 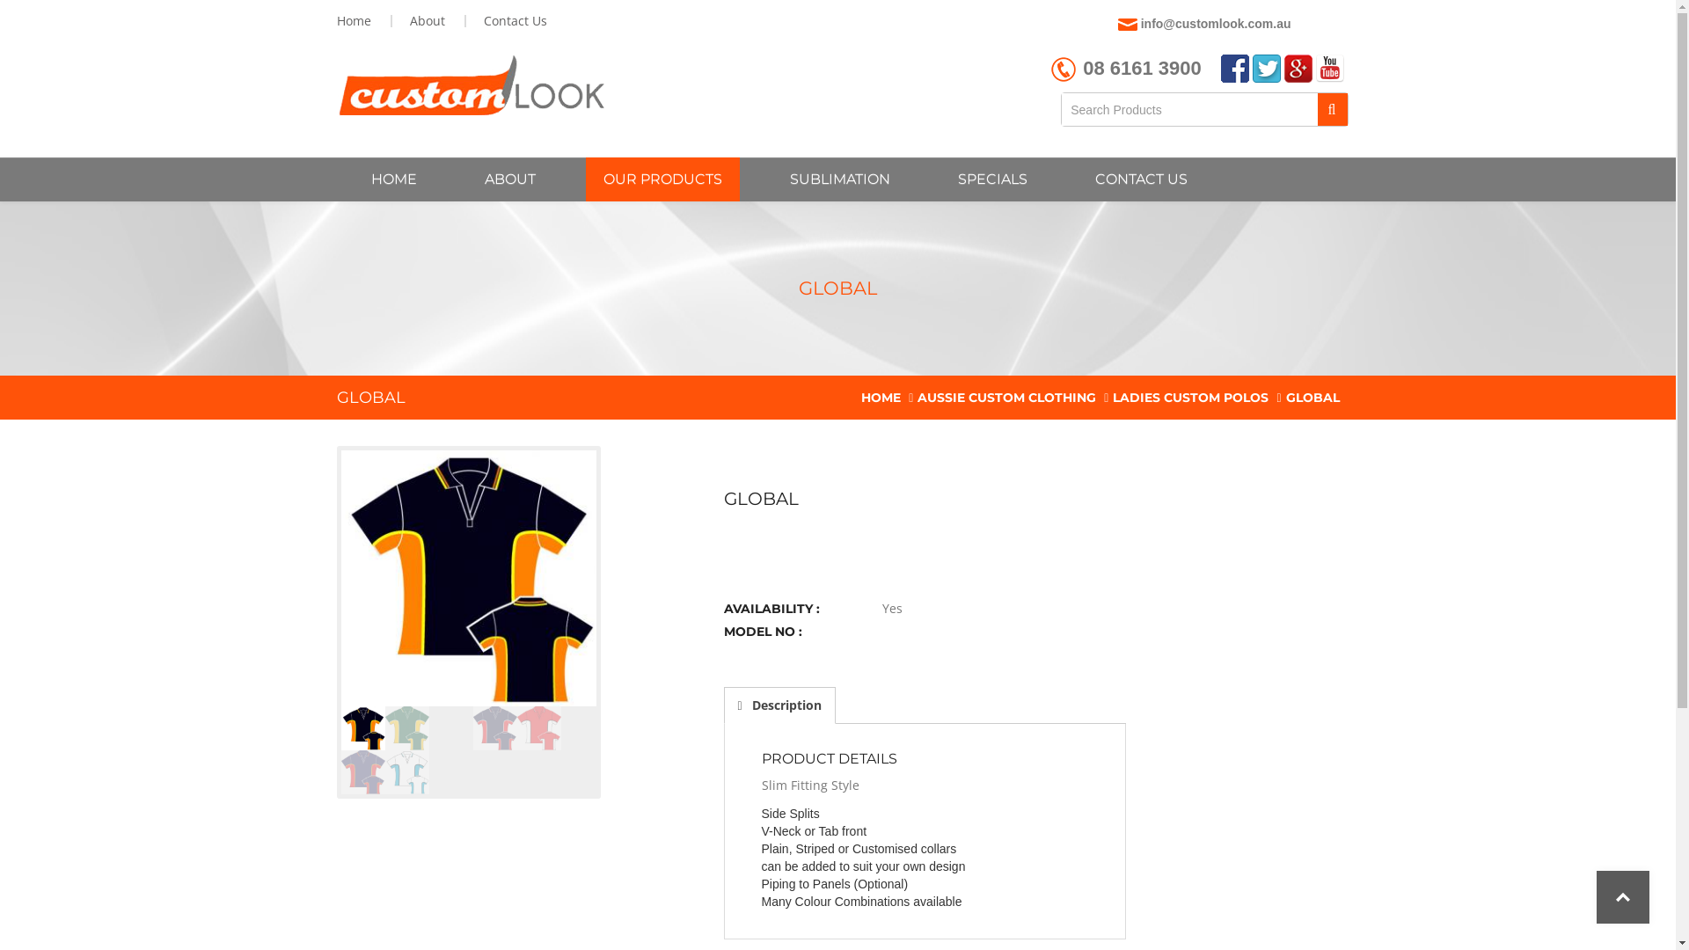 What do you see at coordinates (916, 397) in the screenshot?
I see `'AUSSIE CUSTOM CLOTHING'` at bounding box center [916, 397].